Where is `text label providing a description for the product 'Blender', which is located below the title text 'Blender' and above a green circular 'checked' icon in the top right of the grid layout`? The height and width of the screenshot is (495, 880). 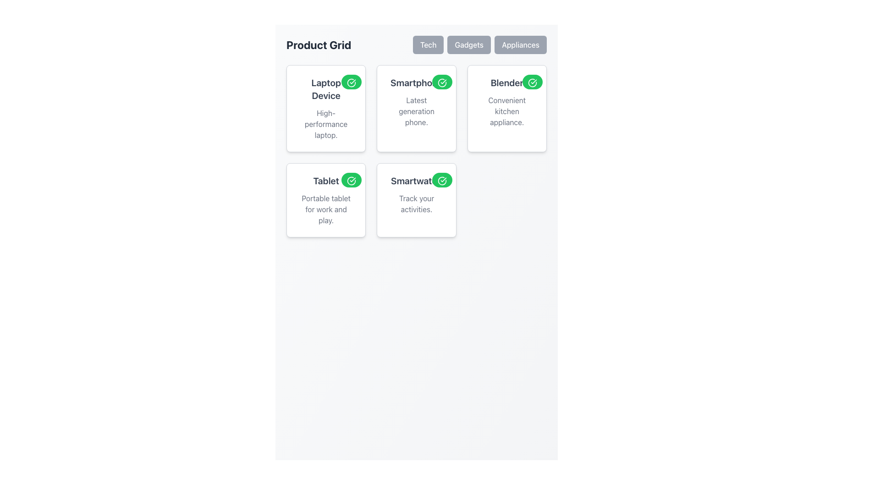 text label providing a description for the product 'Blender', which is located below the title text 'Blender' and above a green circular 'checked' icon in the top right of the grid layout is located at coordinates (506, 111).